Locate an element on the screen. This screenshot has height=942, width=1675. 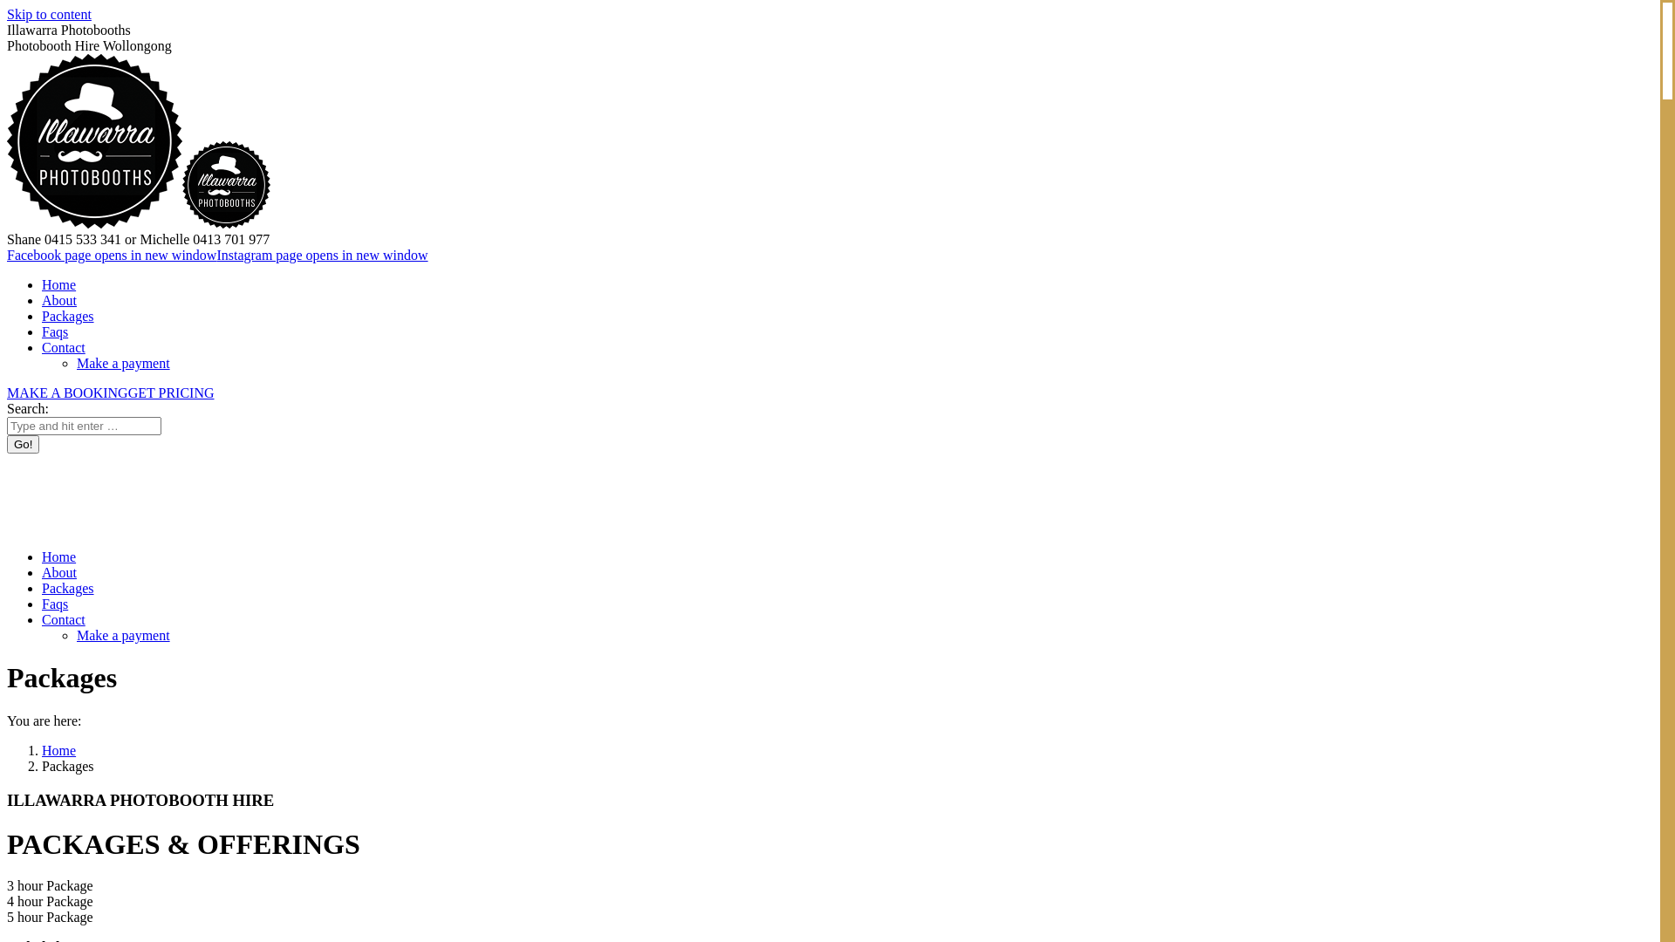
'Home' is located at coordinates (58, 749).